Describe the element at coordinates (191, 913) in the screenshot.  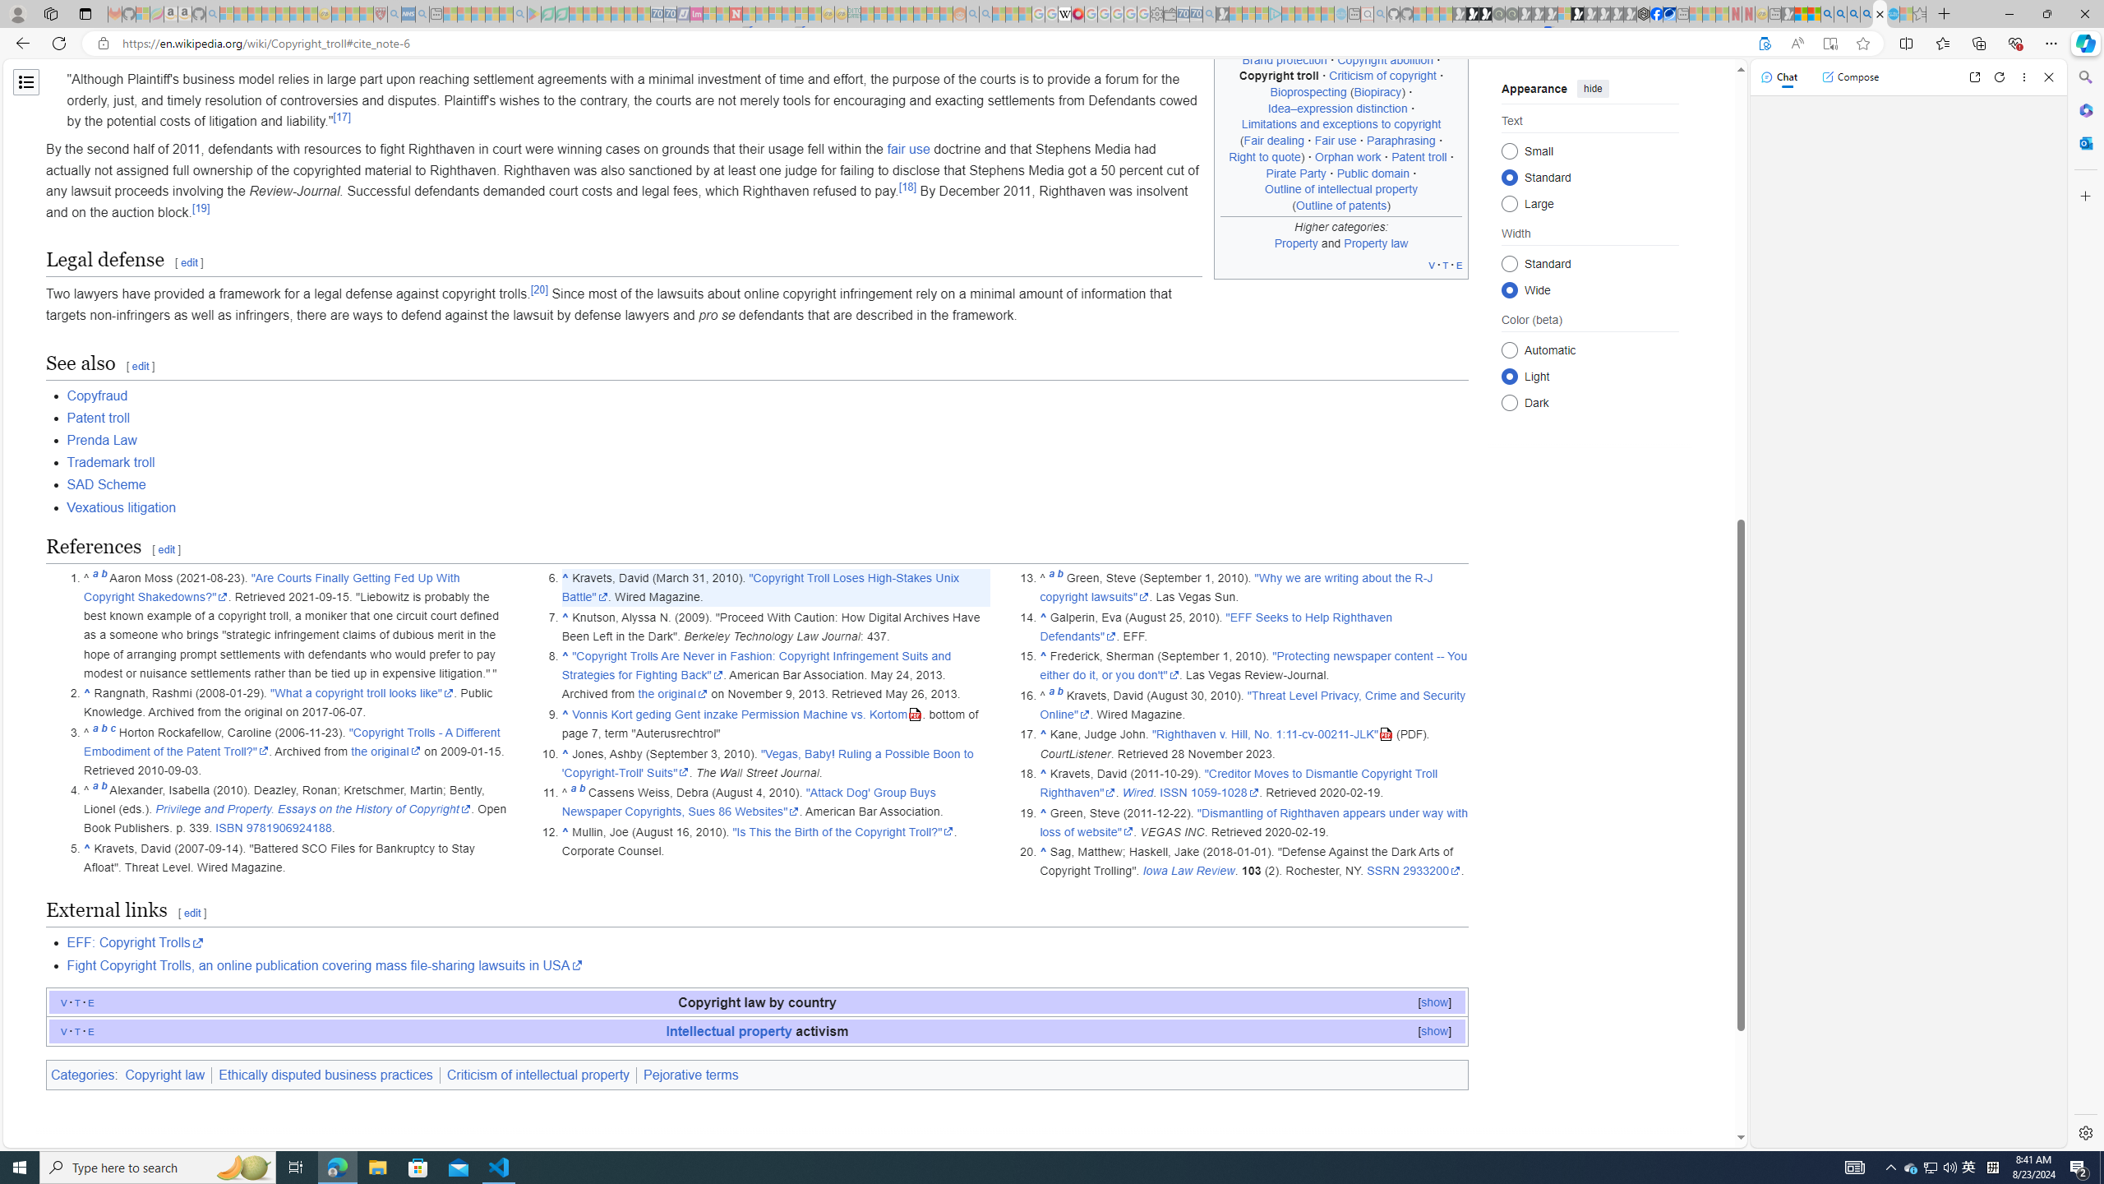
I see `'edit'` at that location.